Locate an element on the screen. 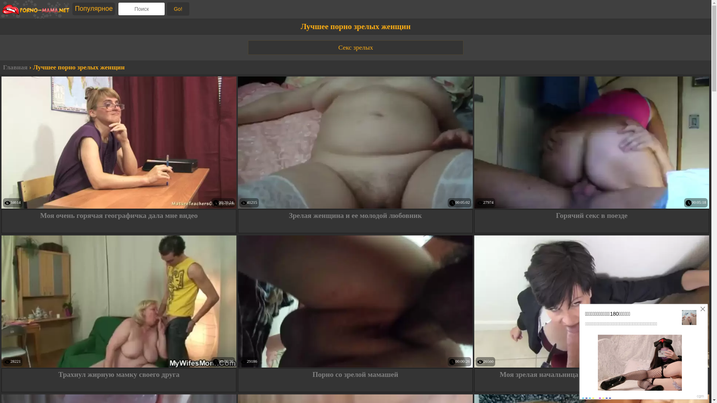 Image resolution: width=717 pixels, height=403 pixels. 'Go!' is located at coordinates (177, 9).